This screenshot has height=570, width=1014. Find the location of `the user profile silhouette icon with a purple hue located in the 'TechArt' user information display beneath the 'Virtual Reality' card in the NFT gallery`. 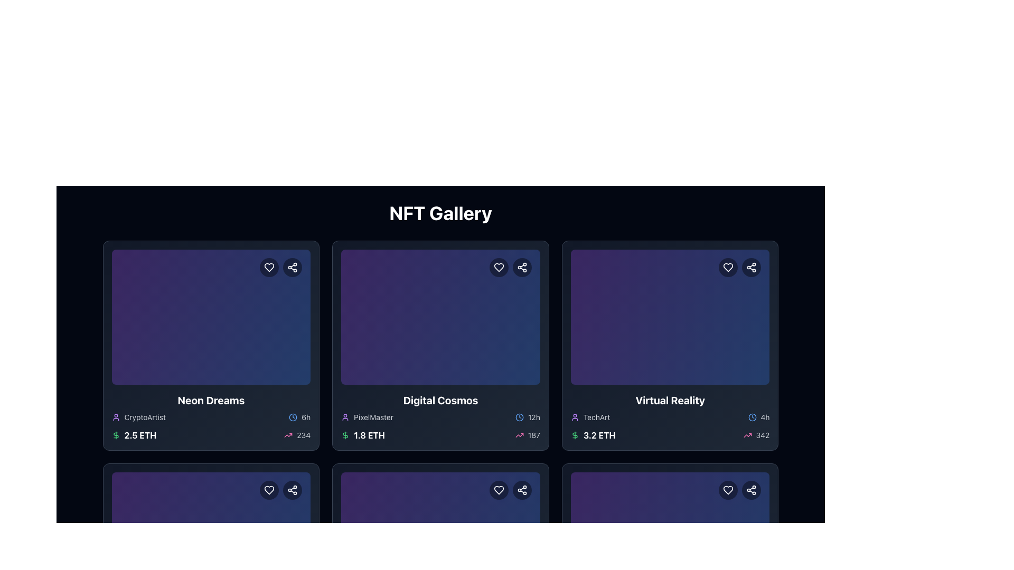

the user profile silhouette icon with a purple hue located in the 'TechArt' user information display beneath the 'Virtual Reality' card in the NFT gallery is located at coordinates (574, 416).